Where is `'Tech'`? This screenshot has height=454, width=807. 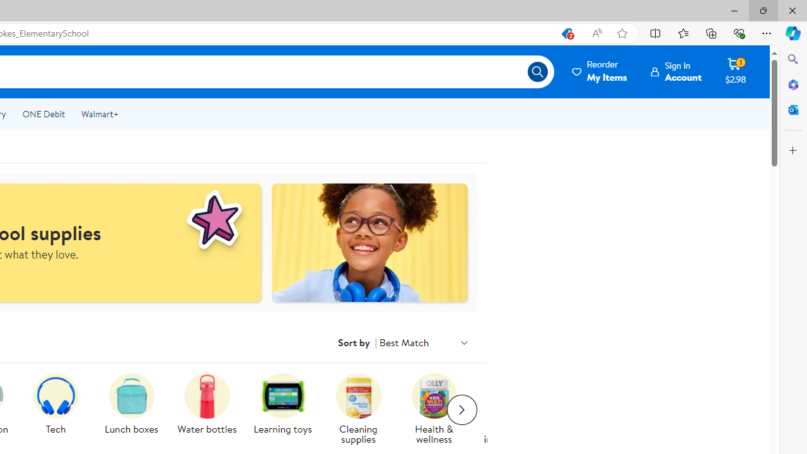 'Tech' is located at coordinates (60, 410).